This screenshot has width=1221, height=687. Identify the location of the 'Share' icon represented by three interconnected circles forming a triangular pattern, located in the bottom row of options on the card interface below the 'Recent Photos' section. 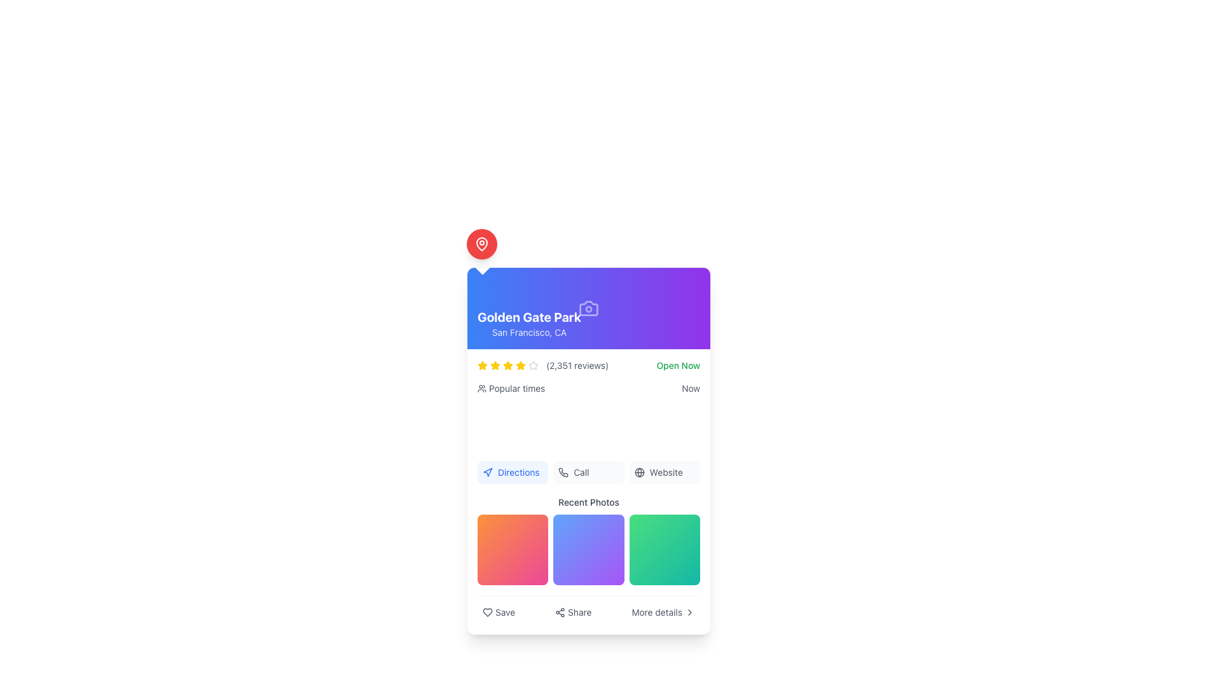
(560, 612).